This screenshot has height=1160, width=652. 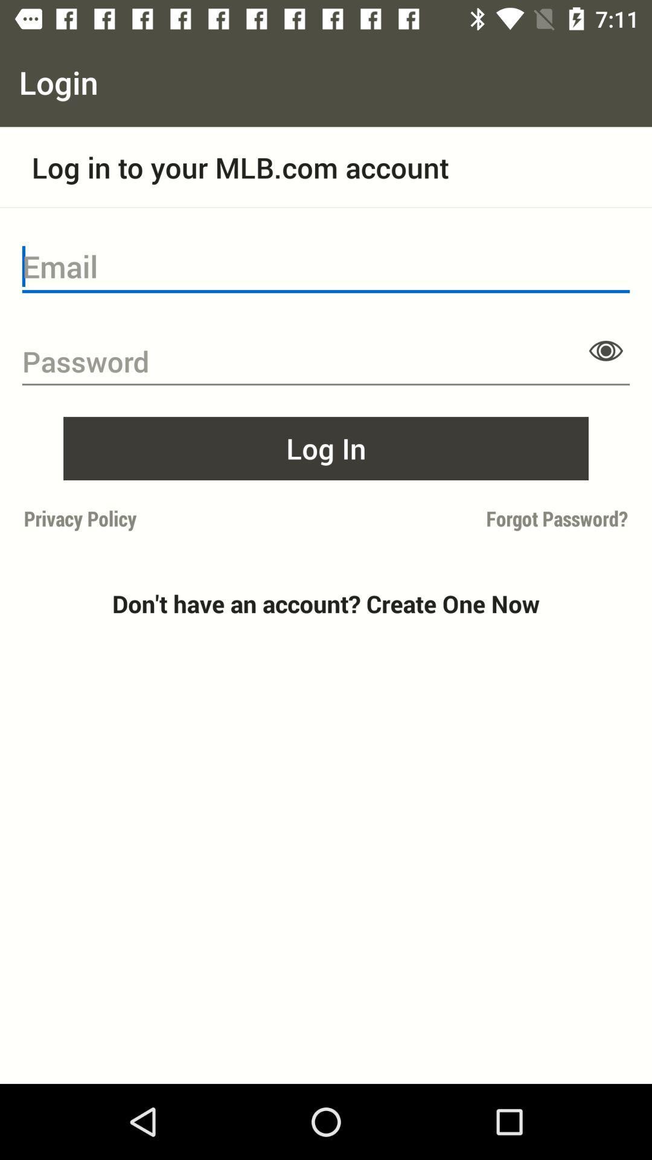 I want to click on the icon above don t have item, so click(x=171, y=518).